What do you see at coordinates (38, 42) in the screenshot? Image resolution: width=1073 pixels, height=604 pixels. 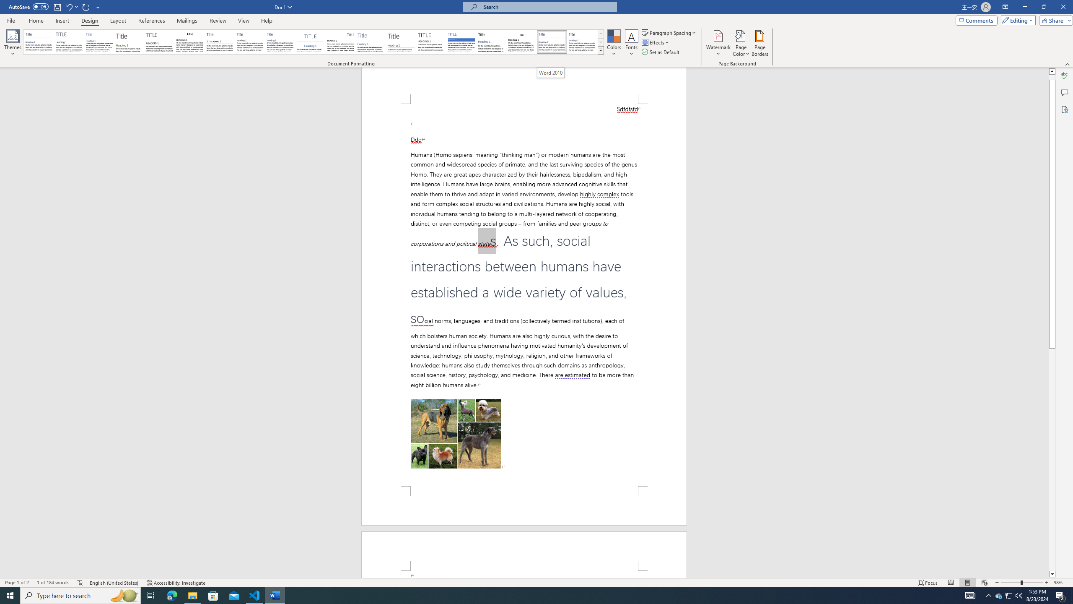 I see `'Document'` at bounding box center [38, 42].